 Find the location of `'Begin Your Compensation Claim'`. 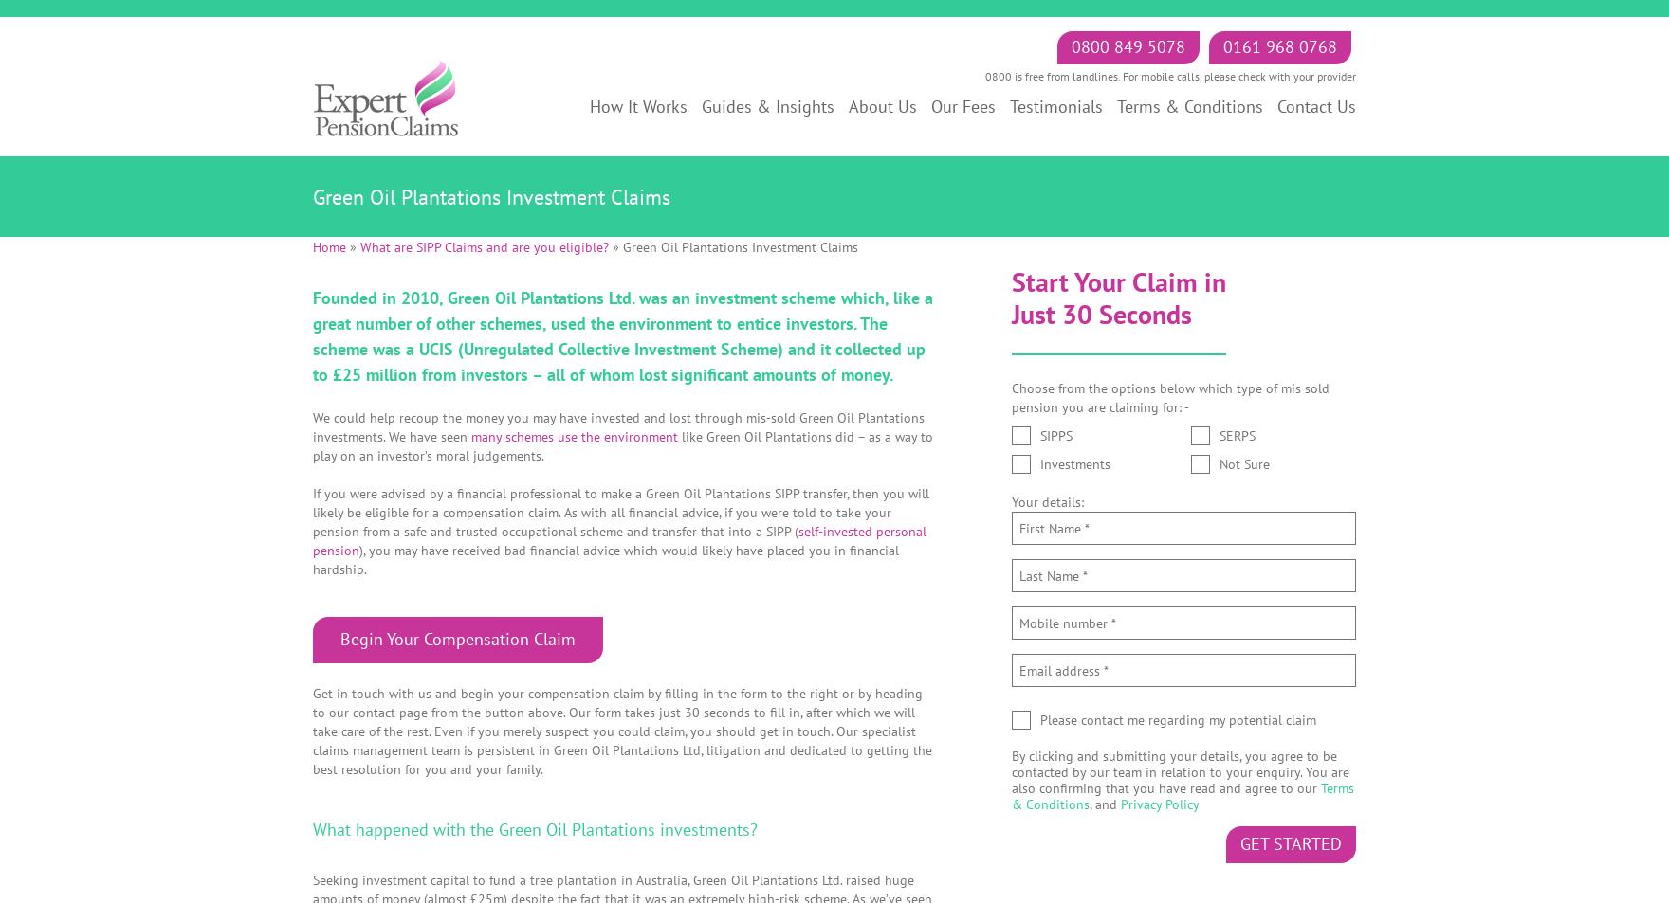

'Begin Your Compensation Claim' is located at coordinates (457, 639).